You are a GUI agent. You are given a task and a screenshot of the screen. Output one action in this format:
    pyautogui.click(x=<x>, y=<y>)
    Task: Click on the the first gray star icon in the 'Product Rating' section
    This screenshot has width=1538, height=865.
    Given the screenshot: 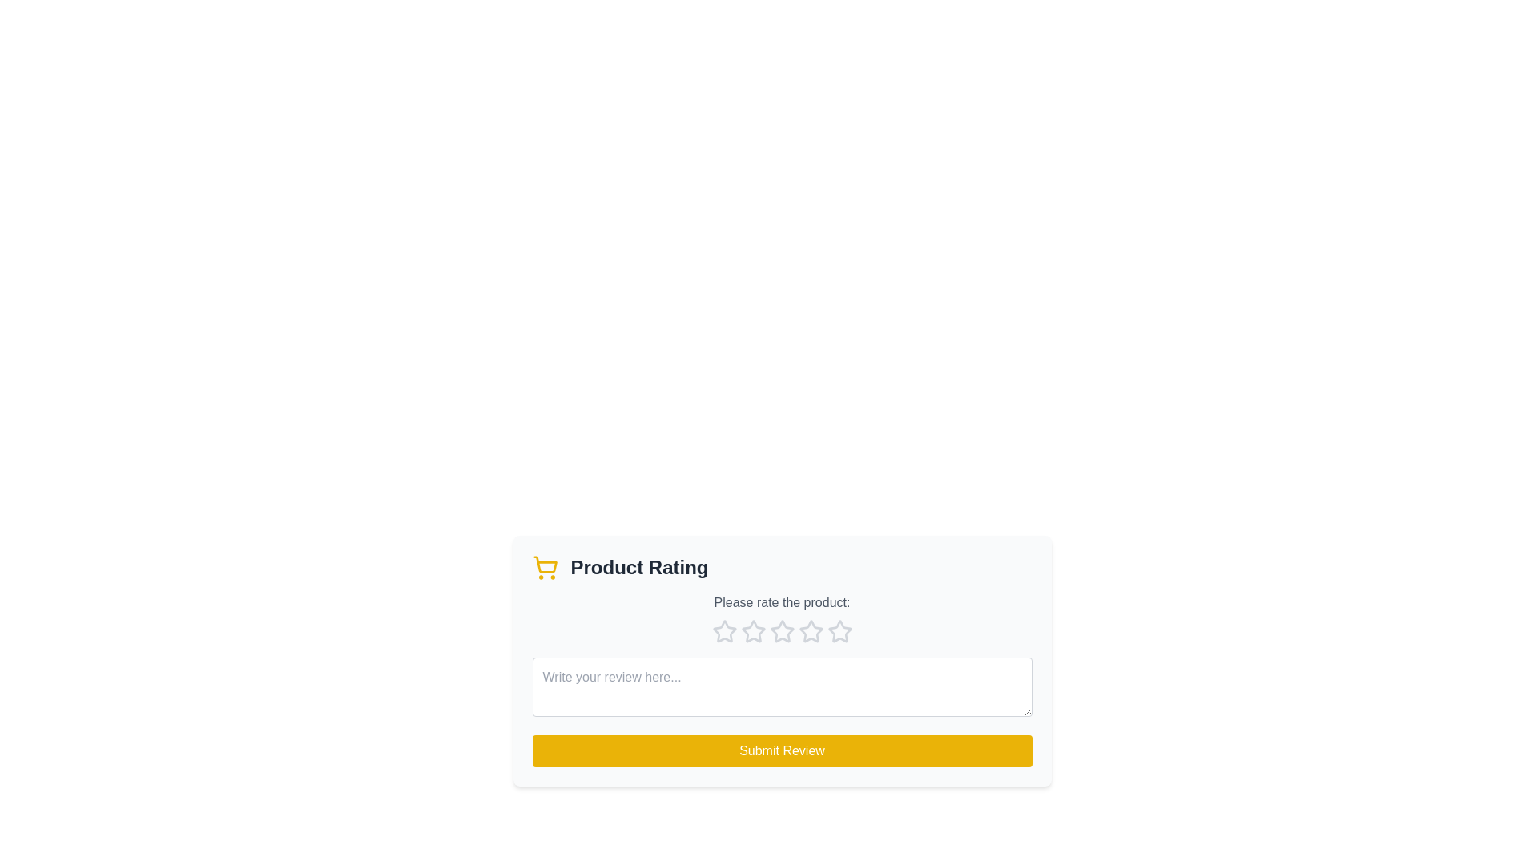 What is the action you would take?
    pyautogui.click(x=723, y=631)
    